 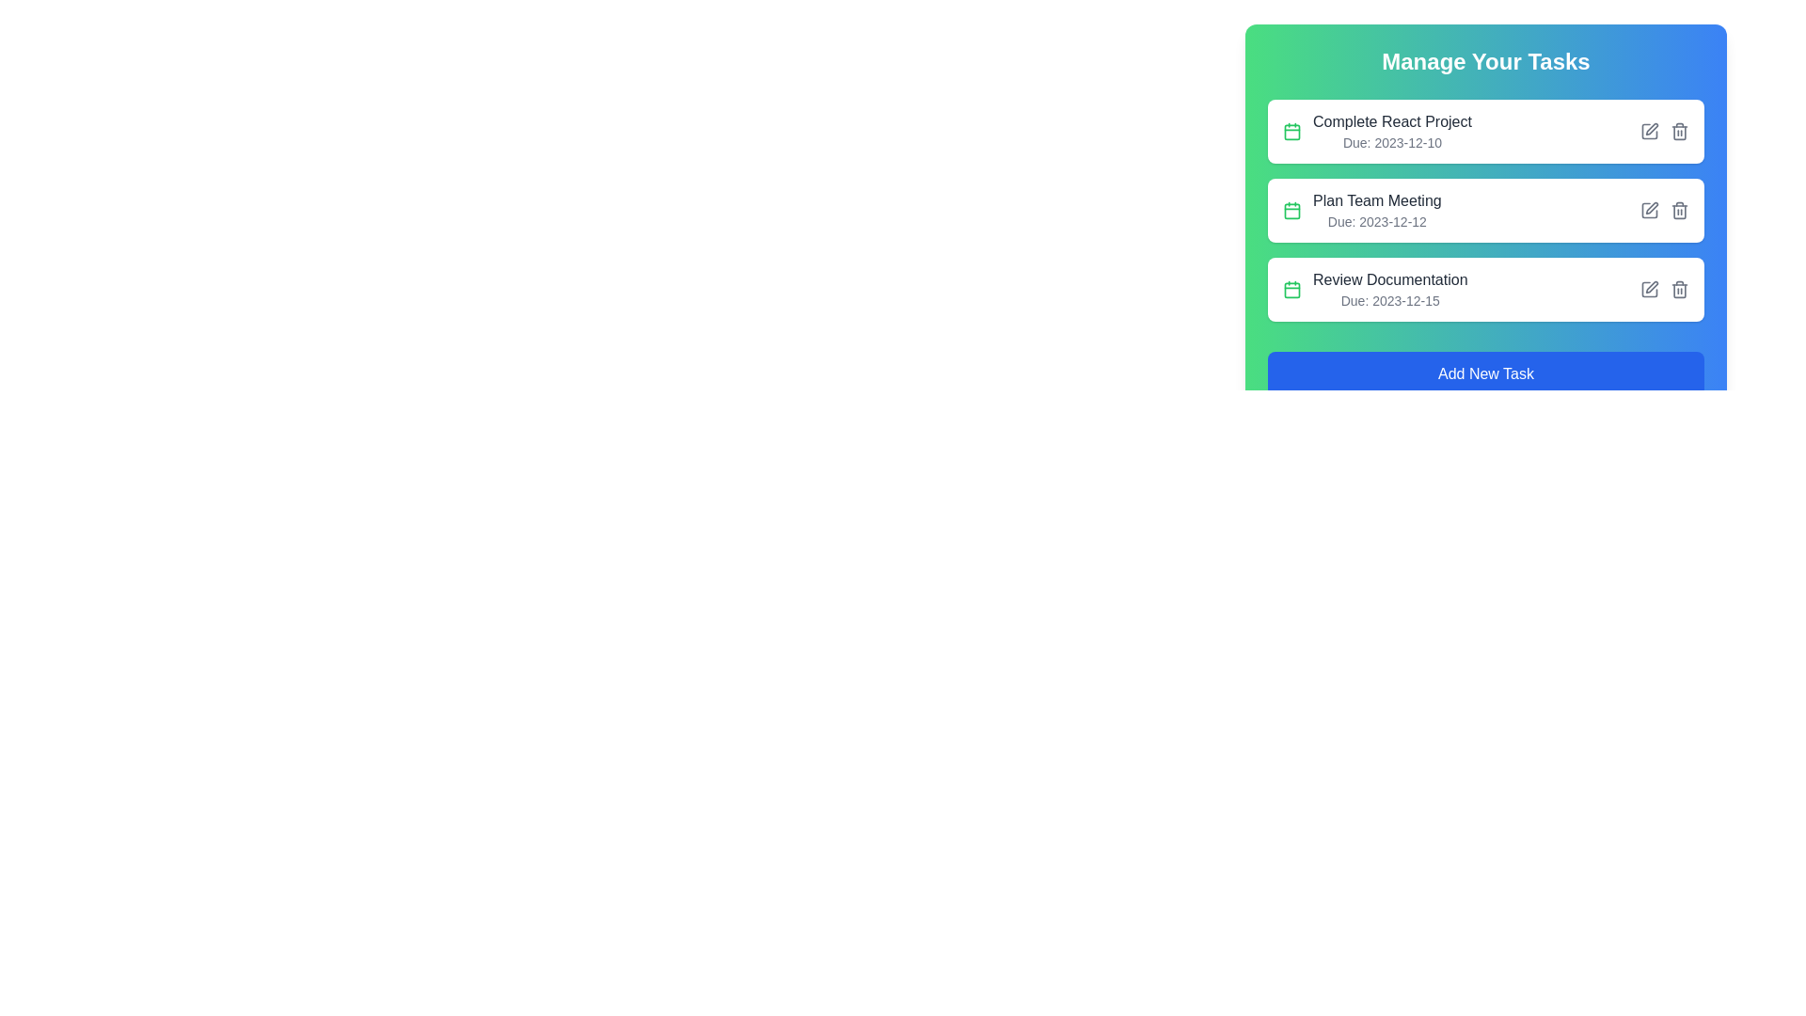 What do you see at coordinates (1291, 290) in the screenshot?
I see `the decorative graphical element that is a rounded rectangle shape within the calendar icon next to the 'Review Documentation' task` at bounding box center [1291, 290].